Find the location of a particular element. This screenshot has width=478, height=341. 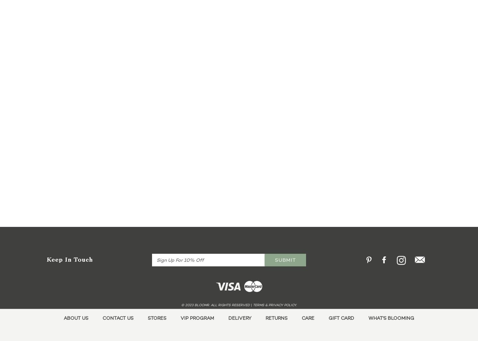

'privacy policy.' is located at coordinates (268, 305).